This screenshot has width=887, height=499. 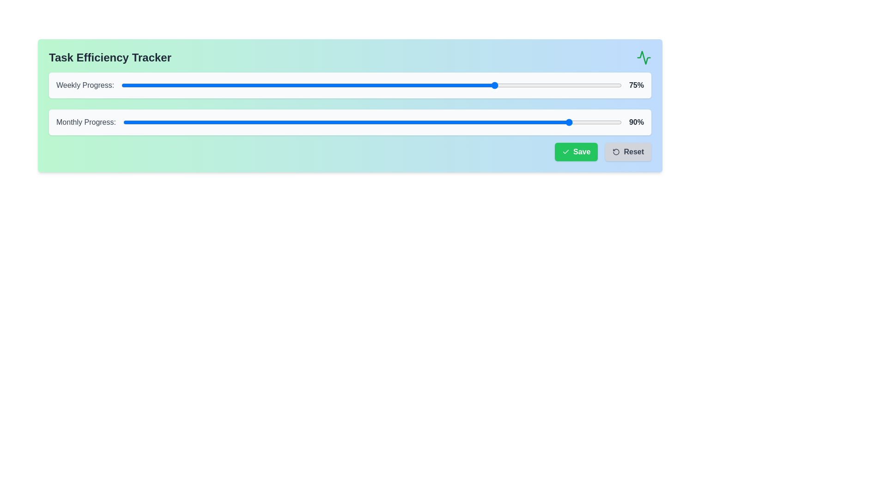 What do you see at coordinates (643, 57) in the screenshot?
I see `the activity icon to interact with it` at bounding box center [643, 57].